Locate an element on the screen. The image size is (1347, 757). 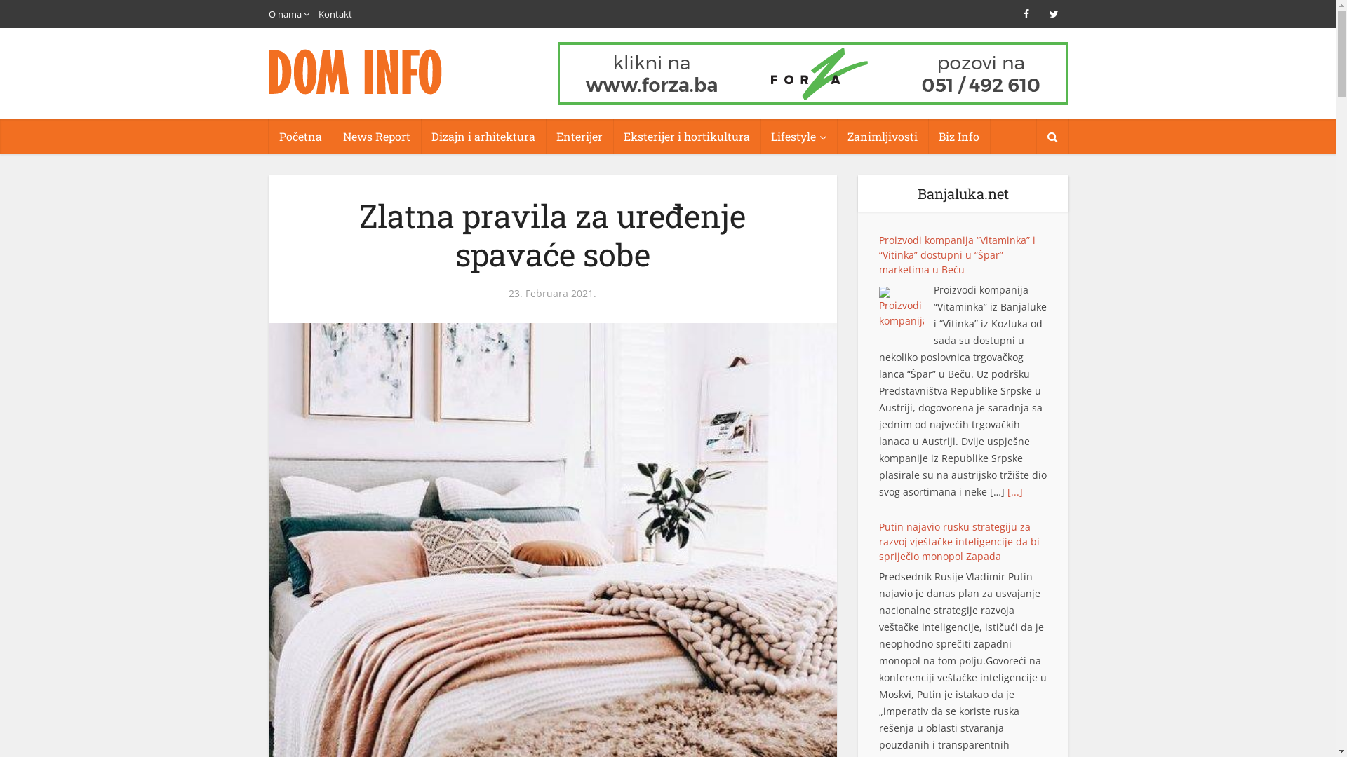
'Kontakt' is located at coordinates (335, 13).